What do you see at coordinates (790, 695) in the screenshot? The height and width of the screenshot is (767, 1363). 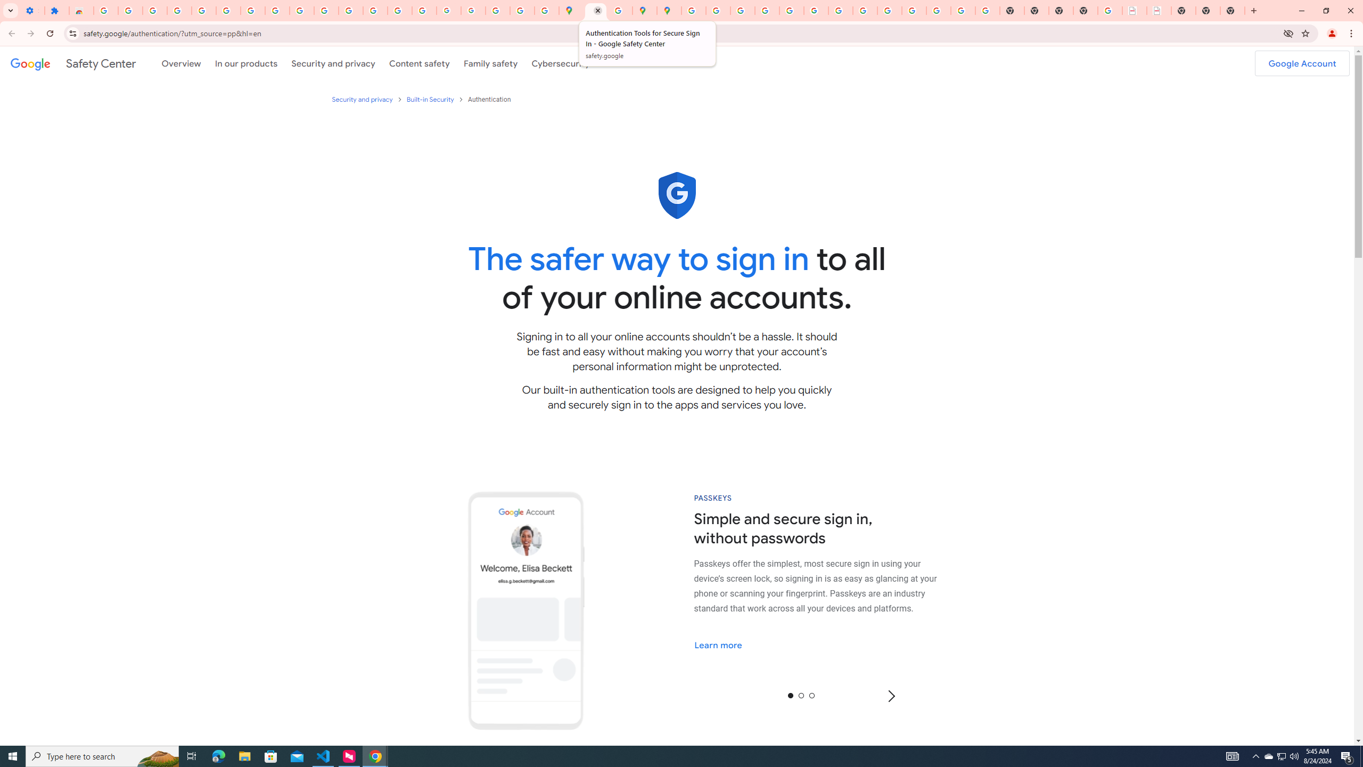 I see `'0'` at bounding box center [790, 695].